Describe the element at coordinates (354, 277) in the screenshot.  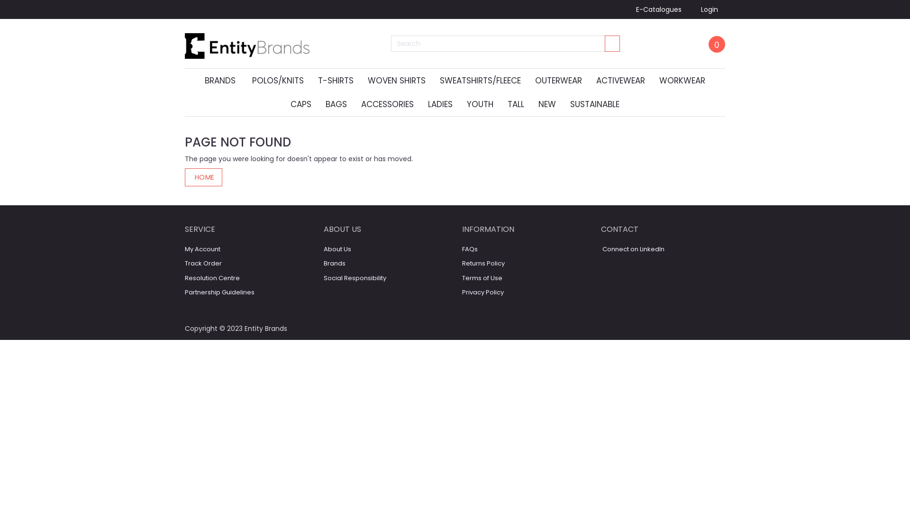
I see `'Social Responsibility'` at that location.